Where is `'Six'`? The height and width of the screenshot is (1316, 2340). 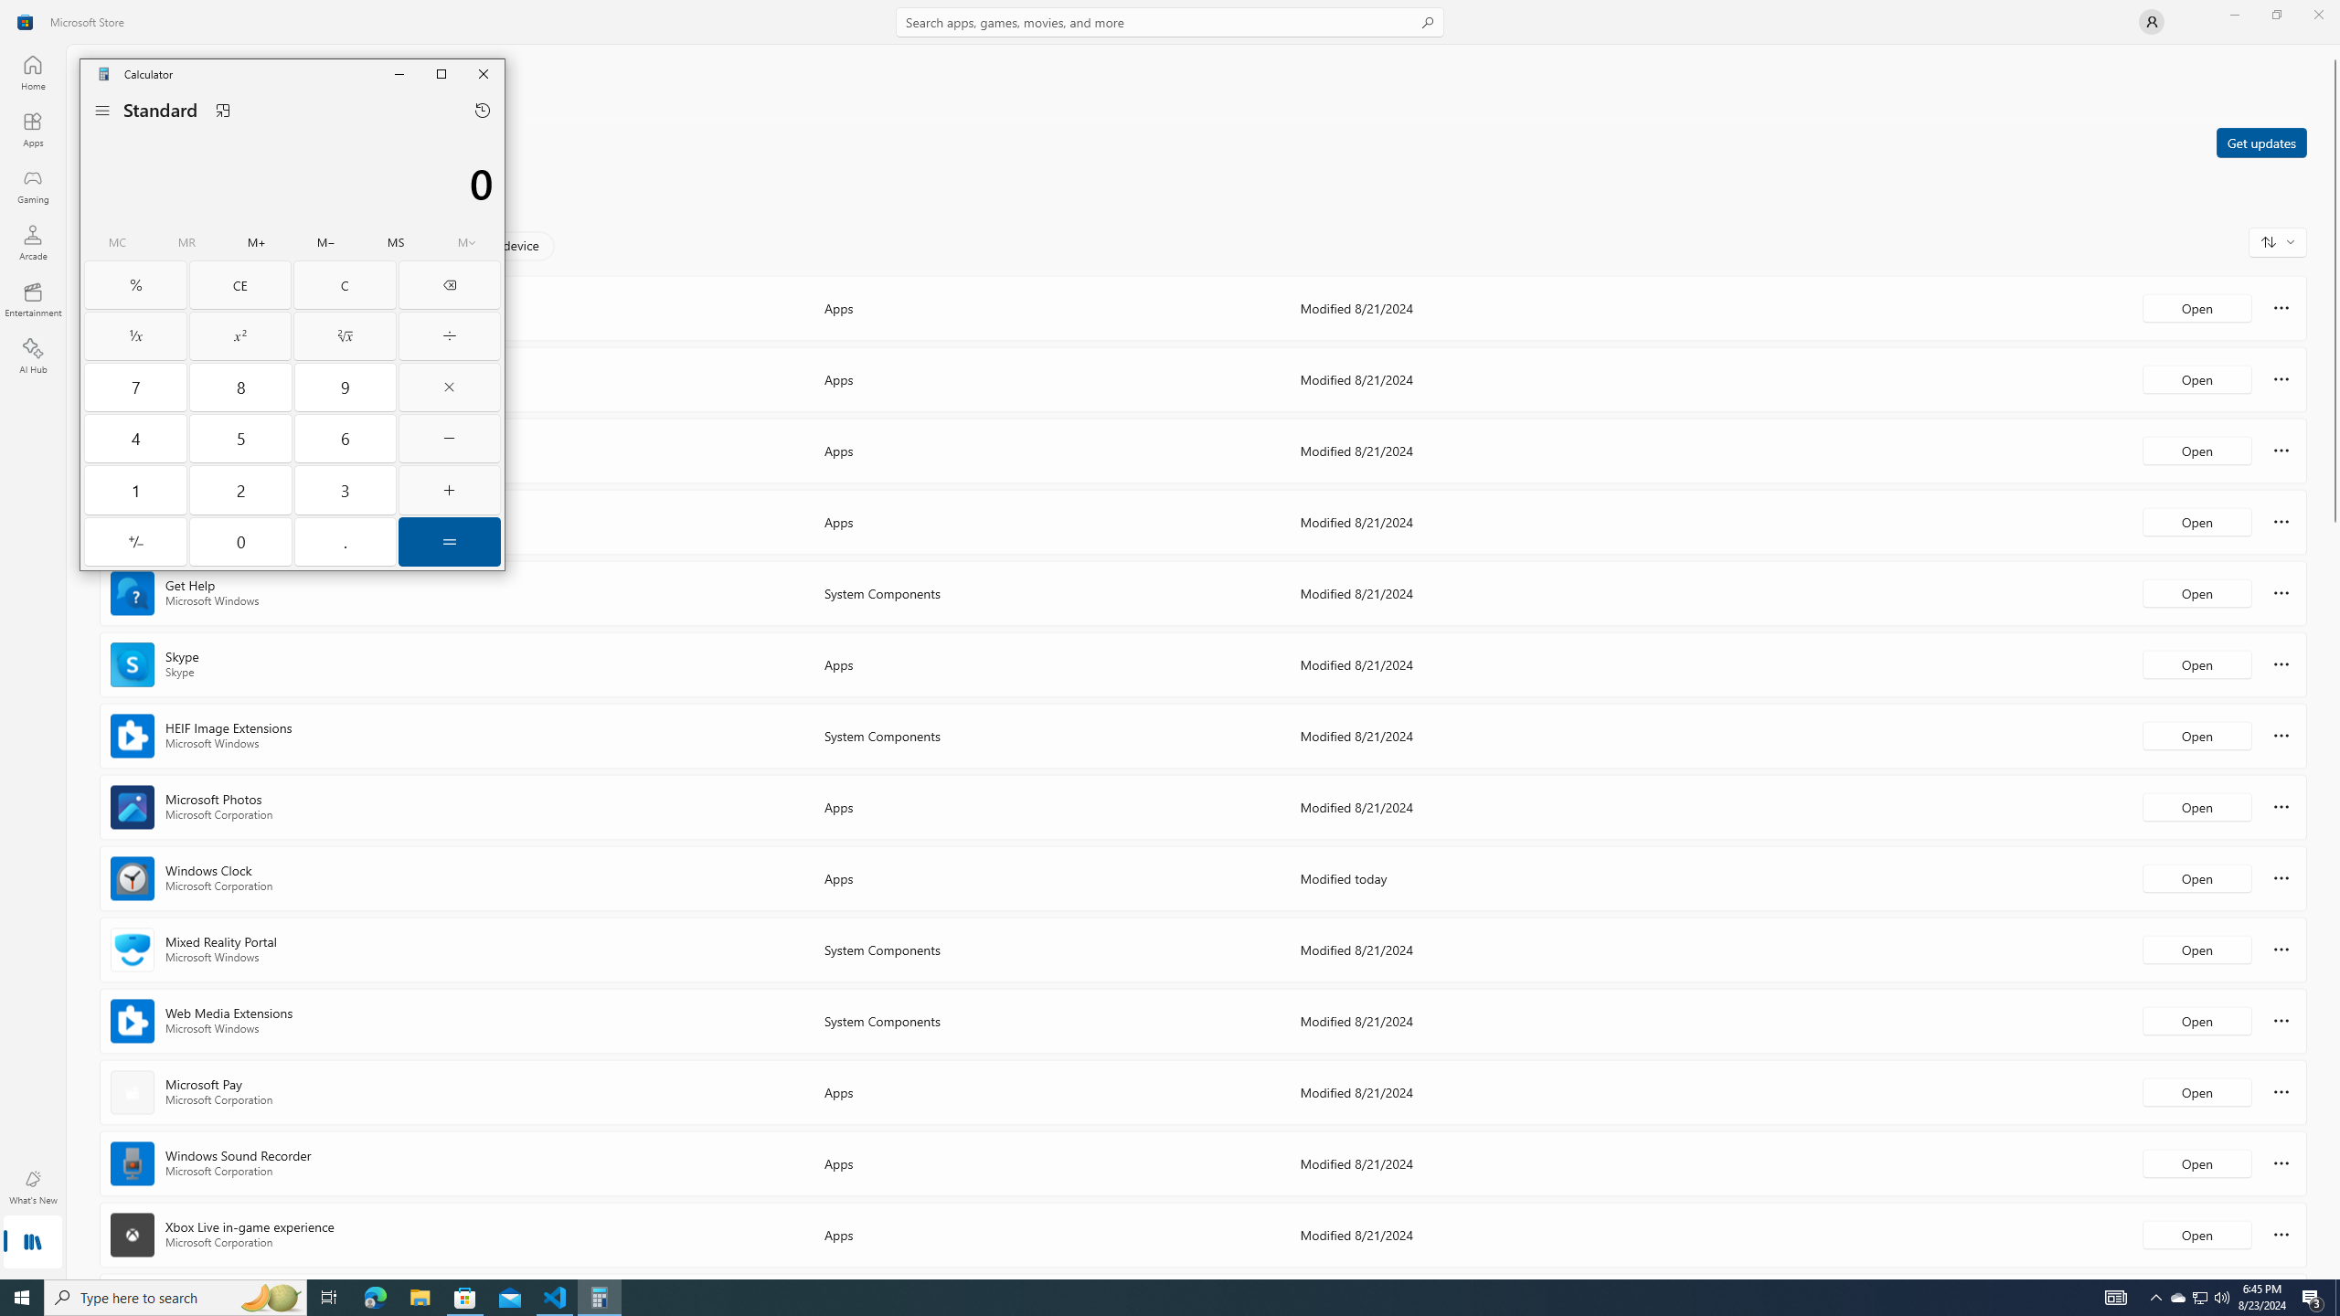
'Six' is located at coordinates (346, 438).